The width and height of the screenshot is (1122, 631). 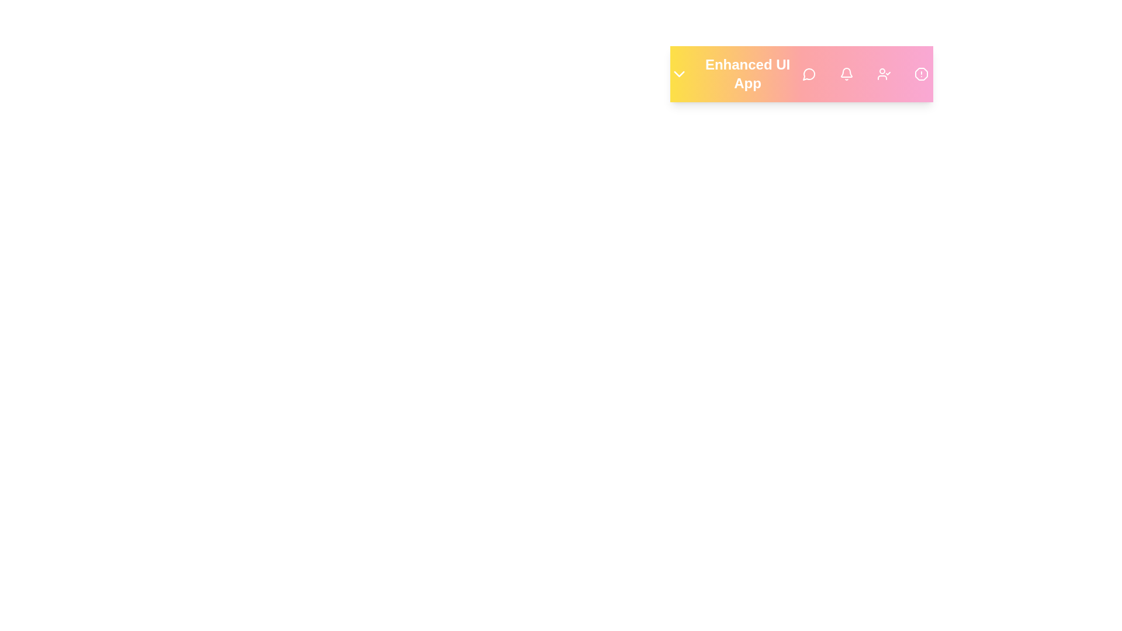 What do you see at coordinates (921, 74) in the screenshot?
I see `'Alerts' button to view application alerts` at bounding box center [921, 74].